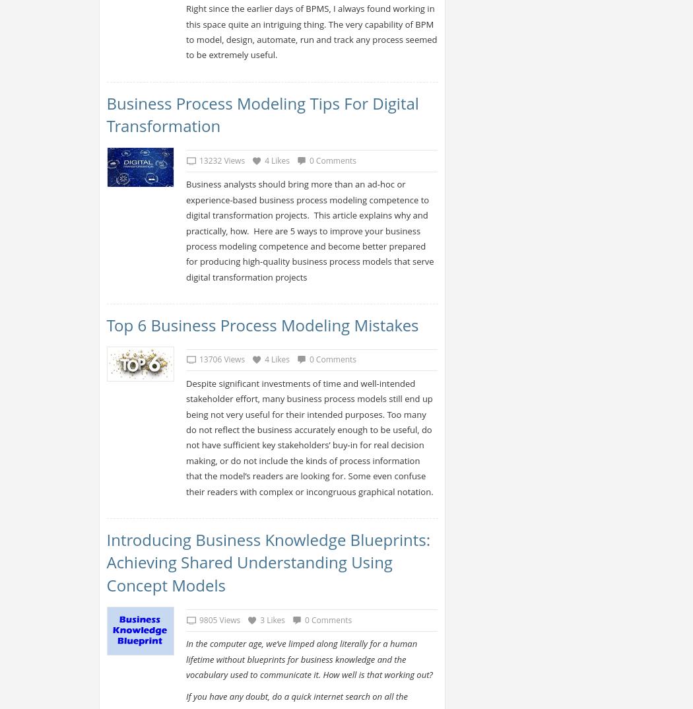  What do you see at coordinates (311, 31) in the screenshot?
I see `'Right since the earlier days of BPMS, I always found working in this space quite an intriguing thing. The very capability of BPM to model, design, automate, run and track any process seemed to be extremely useful.'` at bounding box center [311, 31].